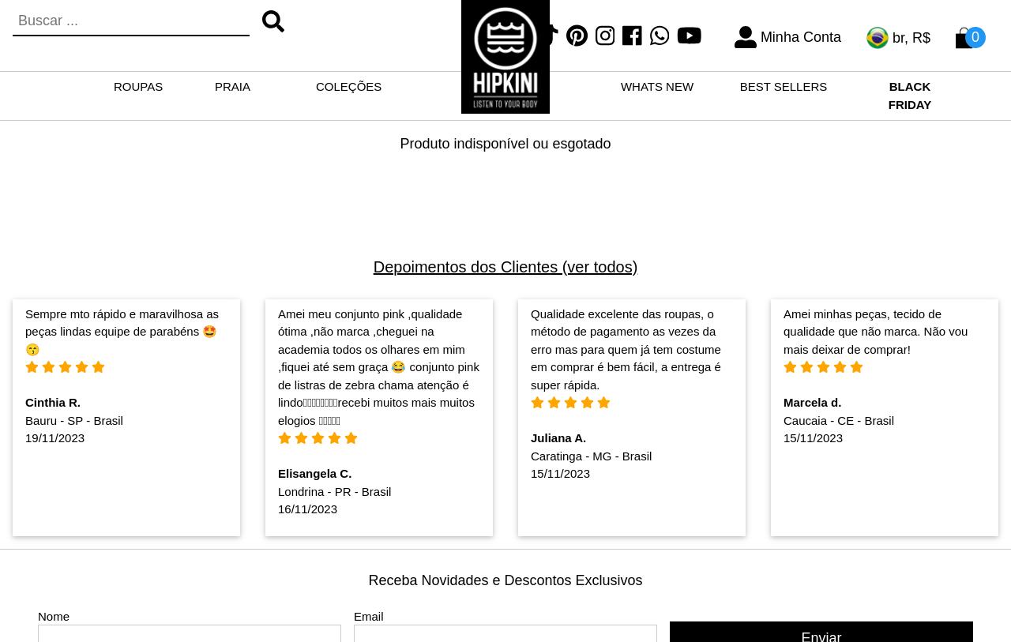 The image size is (1011, 642). I want to click on 'Depoimentos dos Clientes (ver todos)', so click(504, 265).